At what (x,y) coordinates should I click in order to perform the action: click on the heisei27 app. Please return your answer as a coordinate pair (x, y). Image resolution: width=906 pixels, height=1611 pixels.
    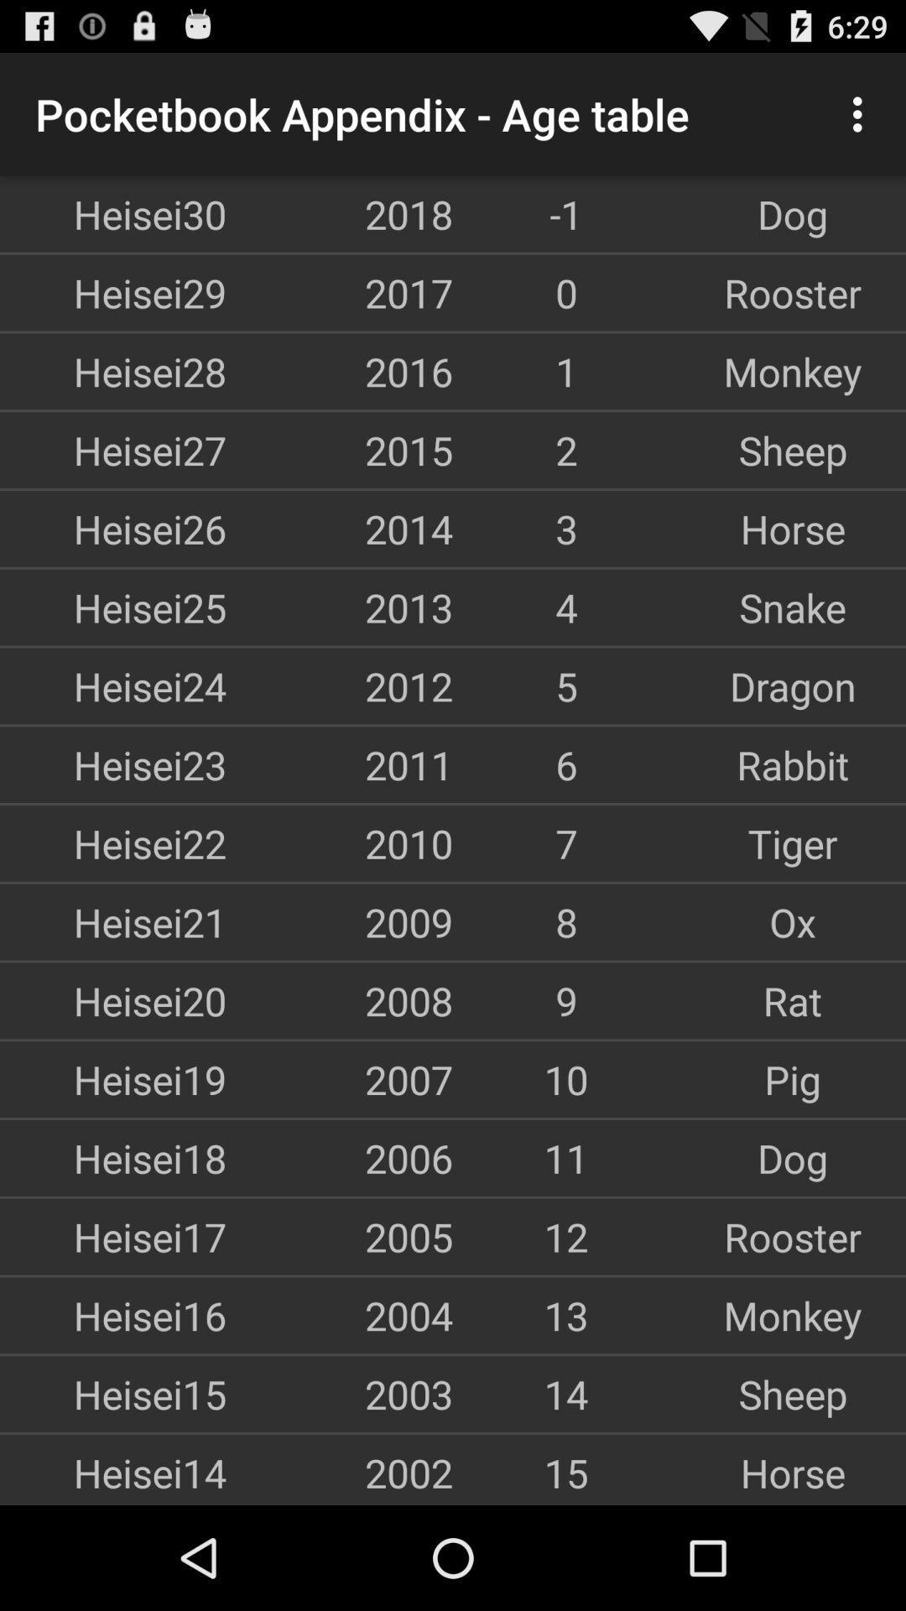
    Looking at the image, I should click on (113, 450).